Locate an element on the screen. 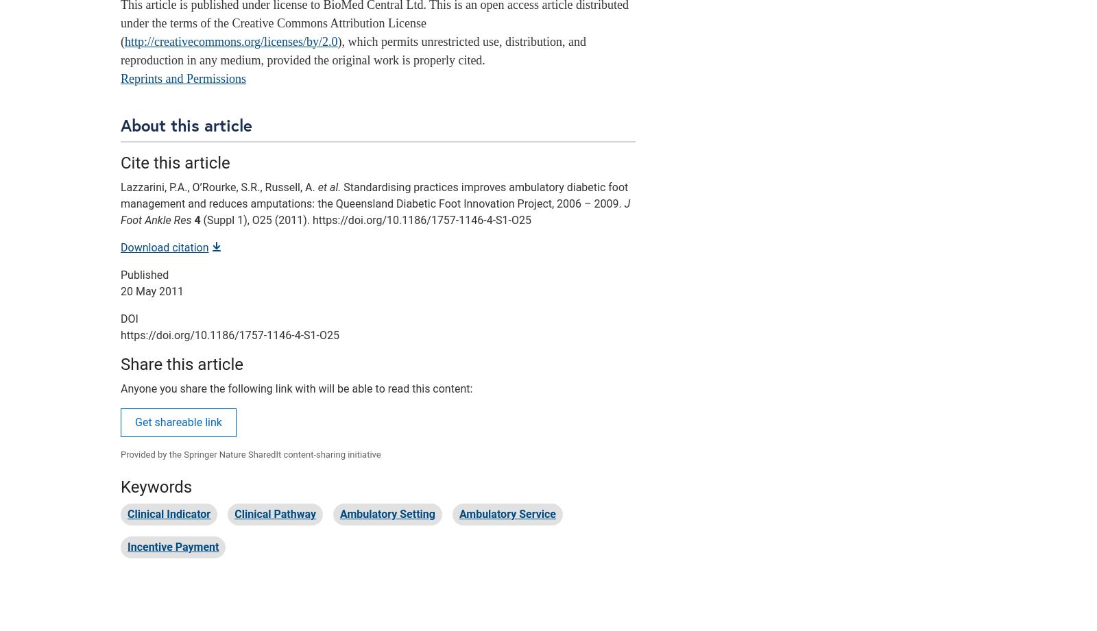  'Share this article' is located at coordinates (181, 363).